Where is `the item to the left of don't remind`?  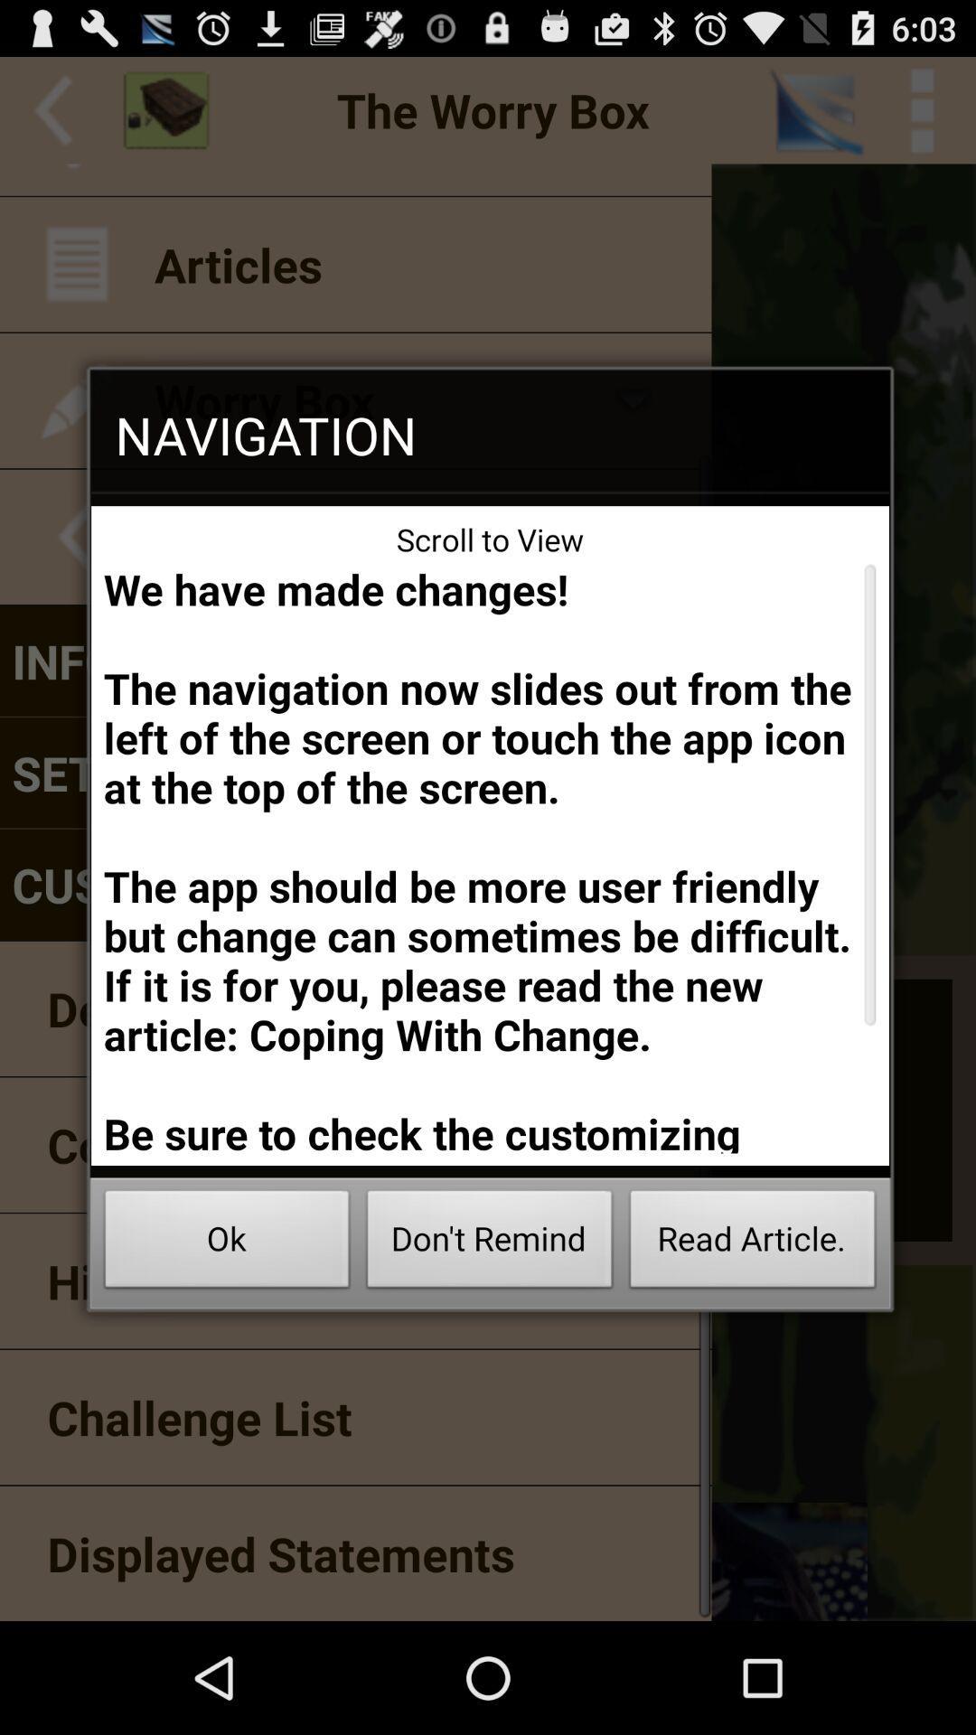 the item to the left of don't remind is located at coordinates (226, 1243).